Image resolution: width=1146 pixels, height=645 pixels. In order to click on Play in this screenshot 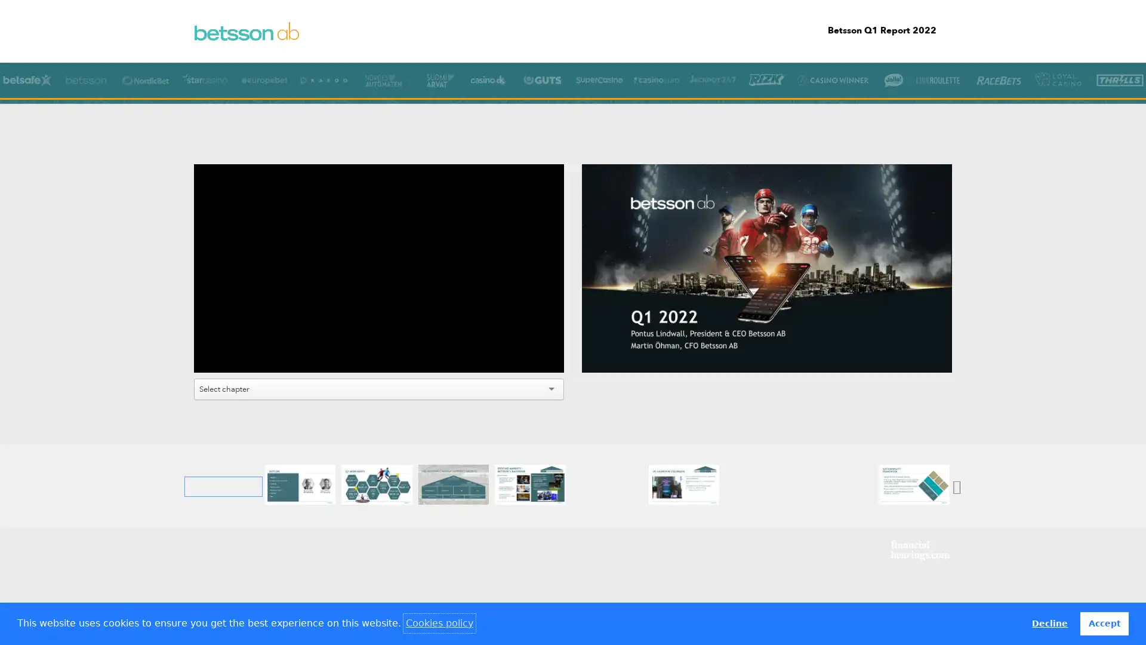, I will do `click(380, 270)`.